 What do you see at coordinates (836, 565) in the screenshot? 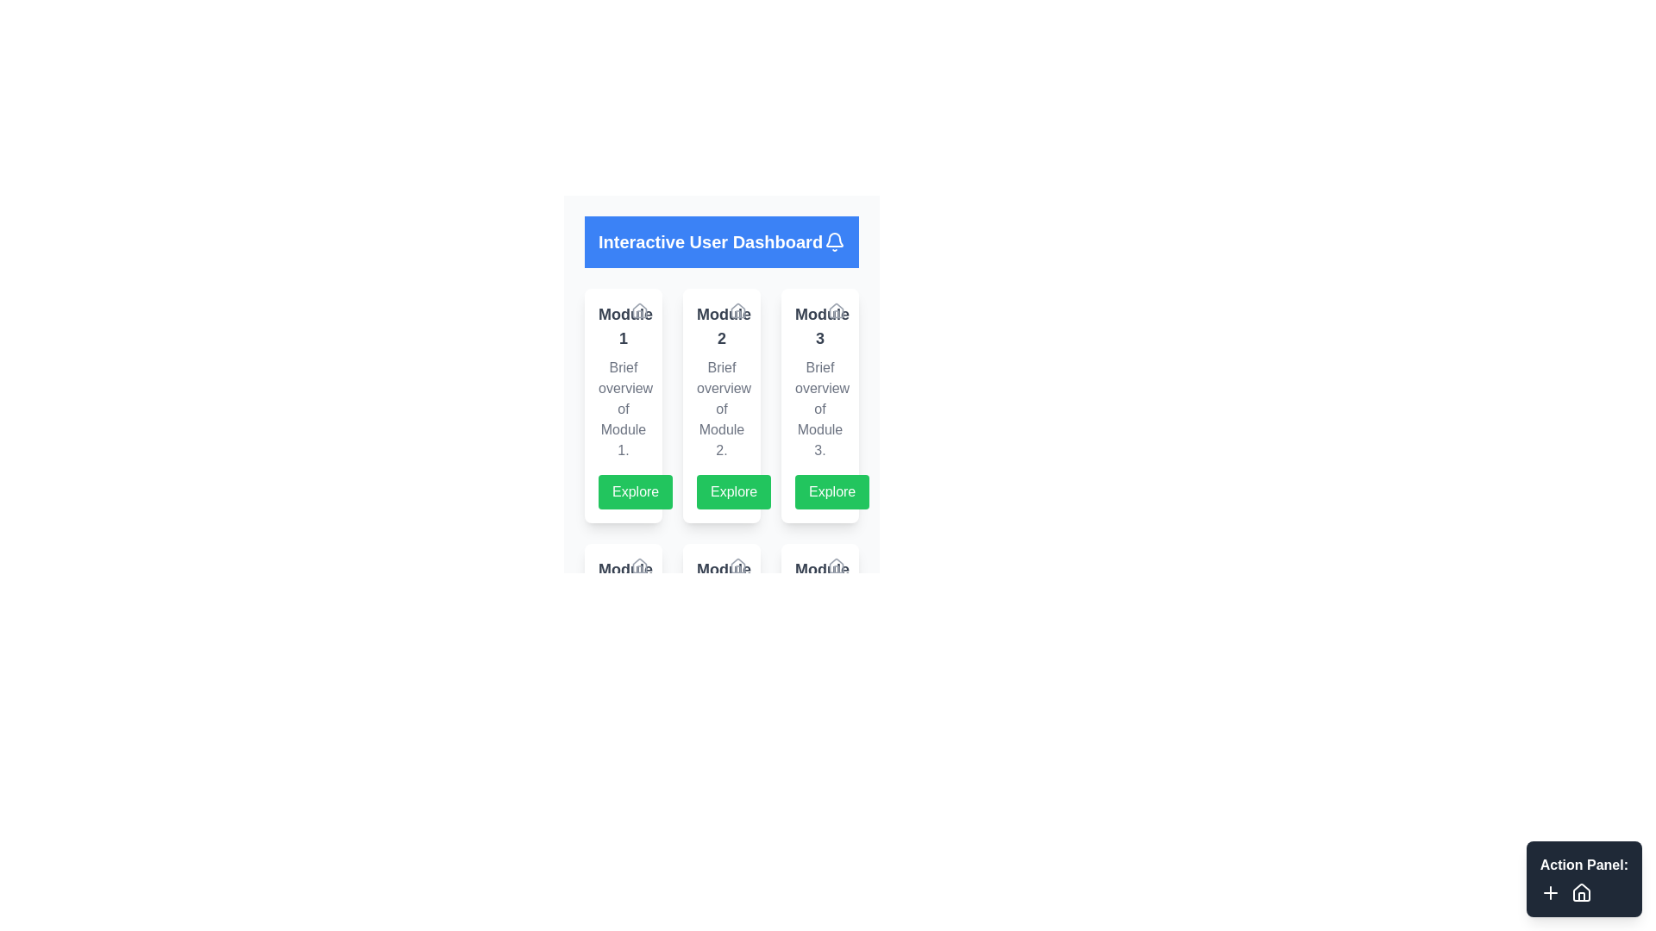
I see `the SVG icon representing a house located in the top-right corner of the 'Module 6' card for interaction` at bounding box center [836, 565].